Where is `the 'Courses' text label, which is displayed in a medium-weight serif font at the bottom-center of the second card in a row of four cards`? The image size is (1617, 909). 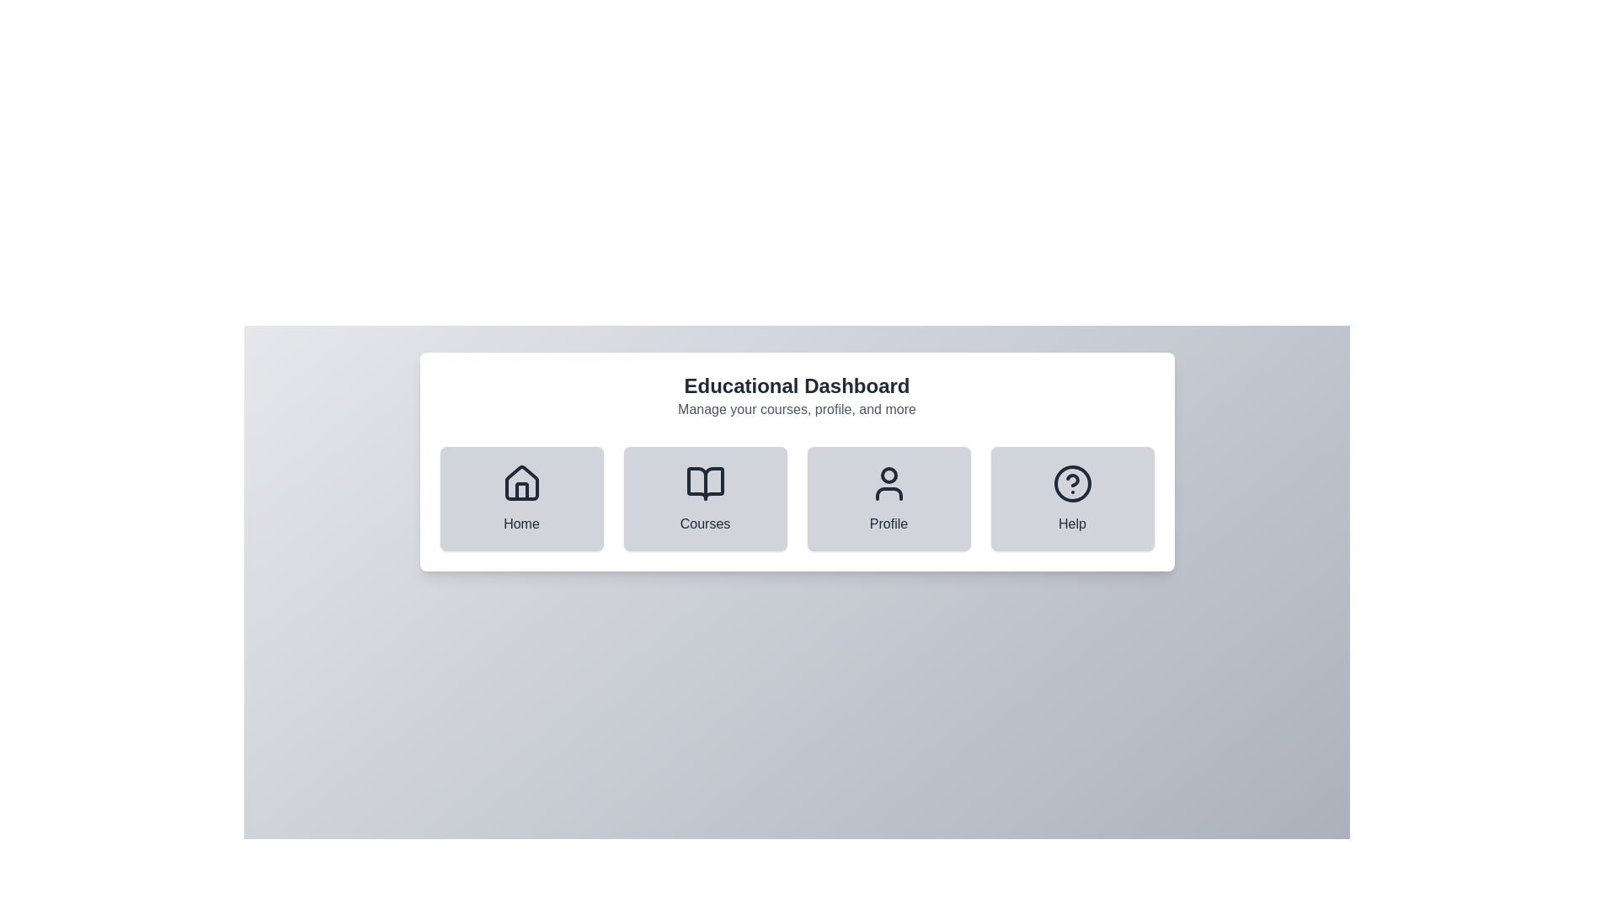 the 'Courses' text label, which is displayed in a medium-weight serif font at the bottom-center of the second card in a row of four cards is located at coordinates (705, 524).